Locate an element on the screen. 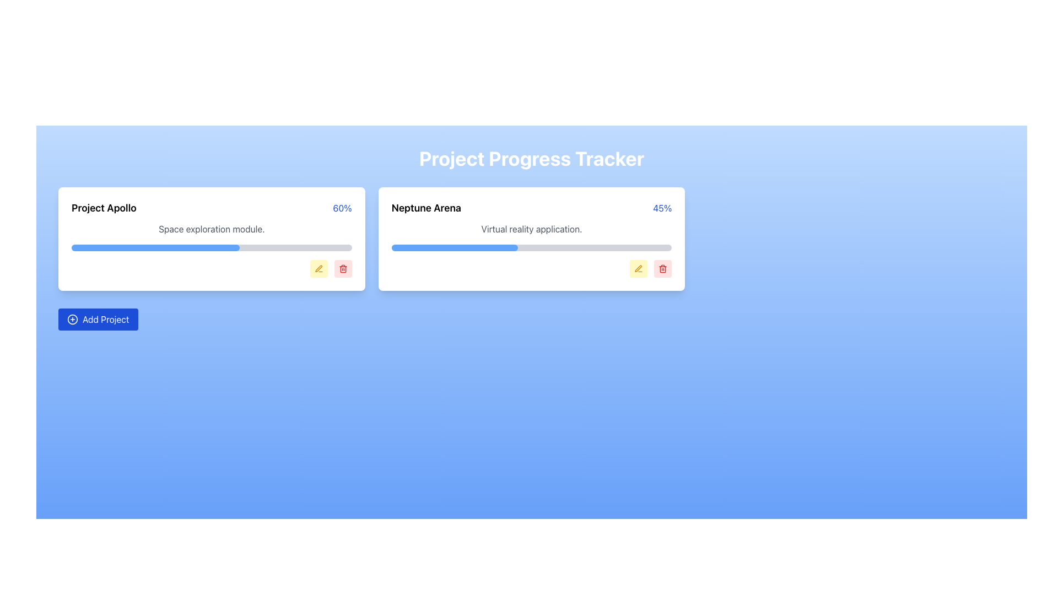 The height and width of the screenshot is (595, 1058). the horizontal progress bar indicating 45% progress, located within the 'Neptune Arena' card, directly below 'Virtual reality application' is located at coordinates (455, 248).